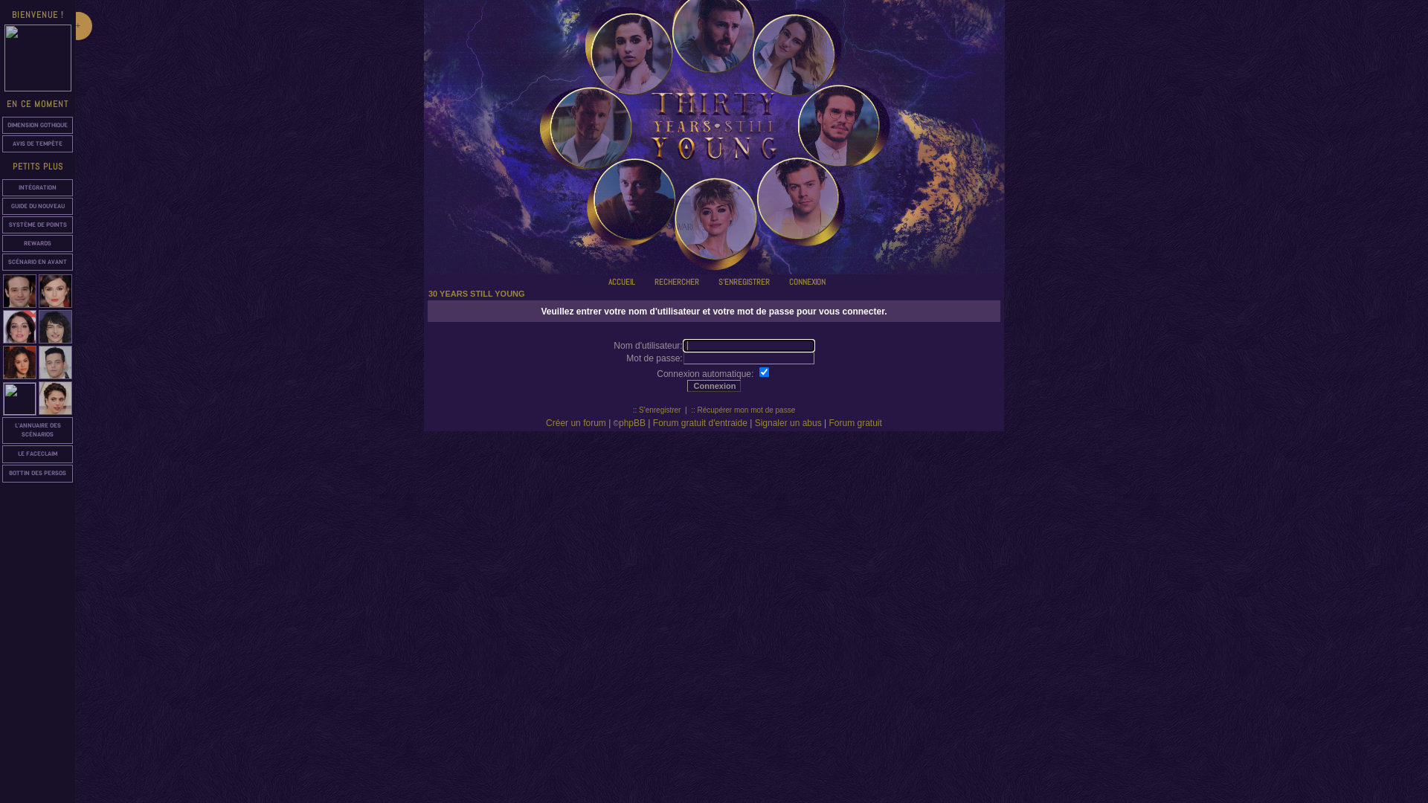 This screenshot has height=803, width=1428. I want to click on '30 YEARS STILL YOUNG', so click(428, 293).